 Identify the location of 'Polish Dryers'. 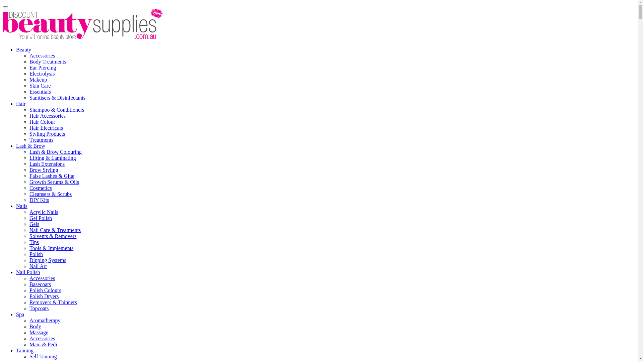
(44, 296).